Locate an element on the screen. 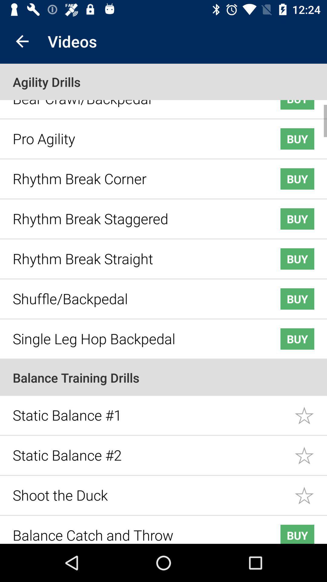 The height and width of the screenshot is (582, 327). the icon below the shoot the duck is located at coordinates (137, 530).